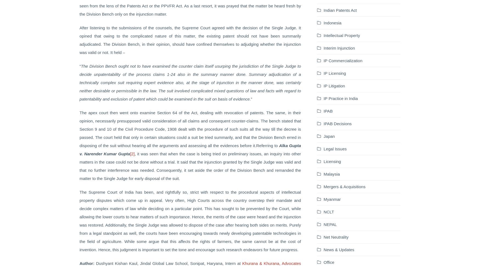  Describe the element at coordinates (336, 237) in the screenshot. I see `'Net Neutrality'` at that location.